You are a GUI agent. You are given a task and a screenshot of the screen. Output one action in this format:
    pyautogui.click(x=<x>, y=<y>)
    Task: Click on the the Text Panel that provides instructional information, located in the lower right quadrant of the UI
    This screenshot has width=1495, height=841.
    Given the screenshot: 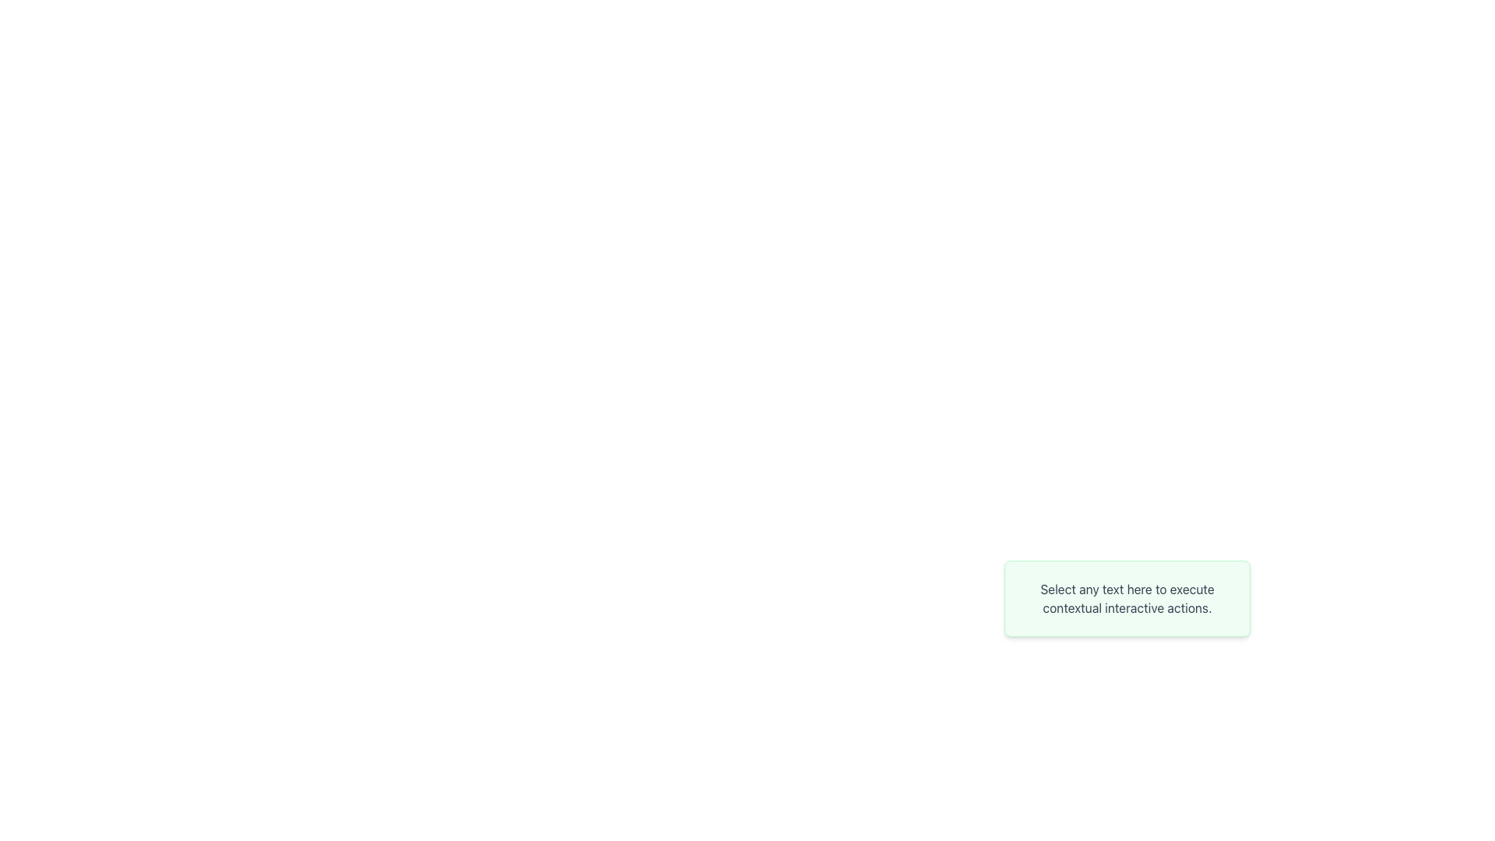 What is the action you would take?
    pyautogui.click(x=1127, y=643)
    